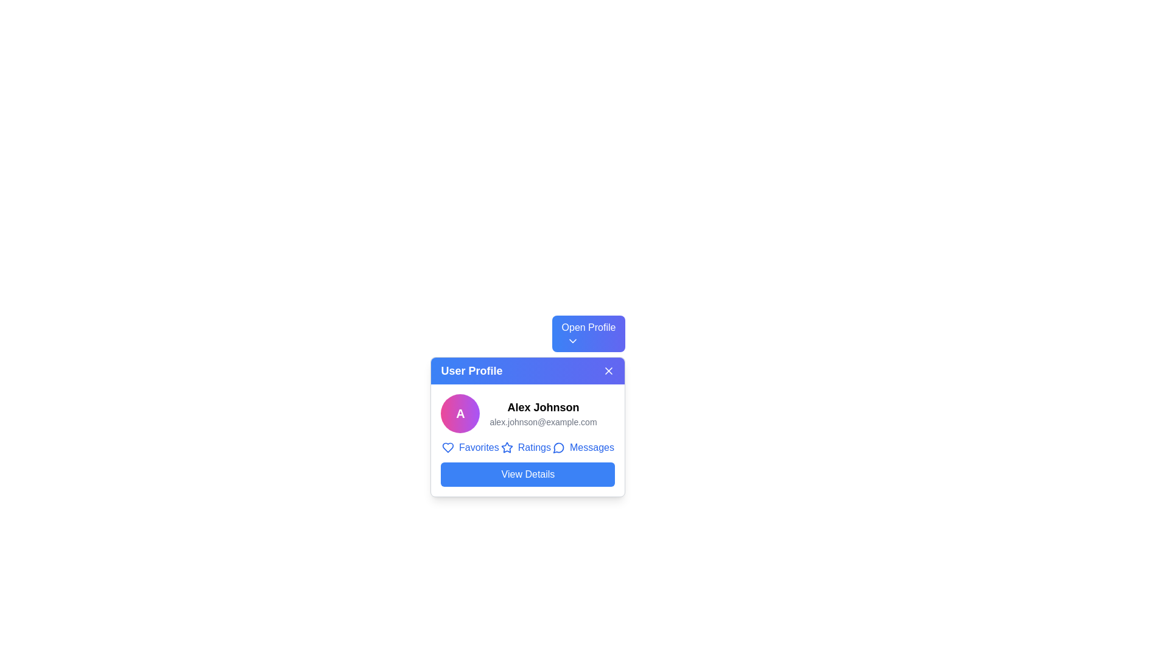 The width and height of the screenshot is (1169, 658). Describe the element at coordinates (528, 474) in the screenshot. I see `the button located at the bottom of the user profile card` at that location.